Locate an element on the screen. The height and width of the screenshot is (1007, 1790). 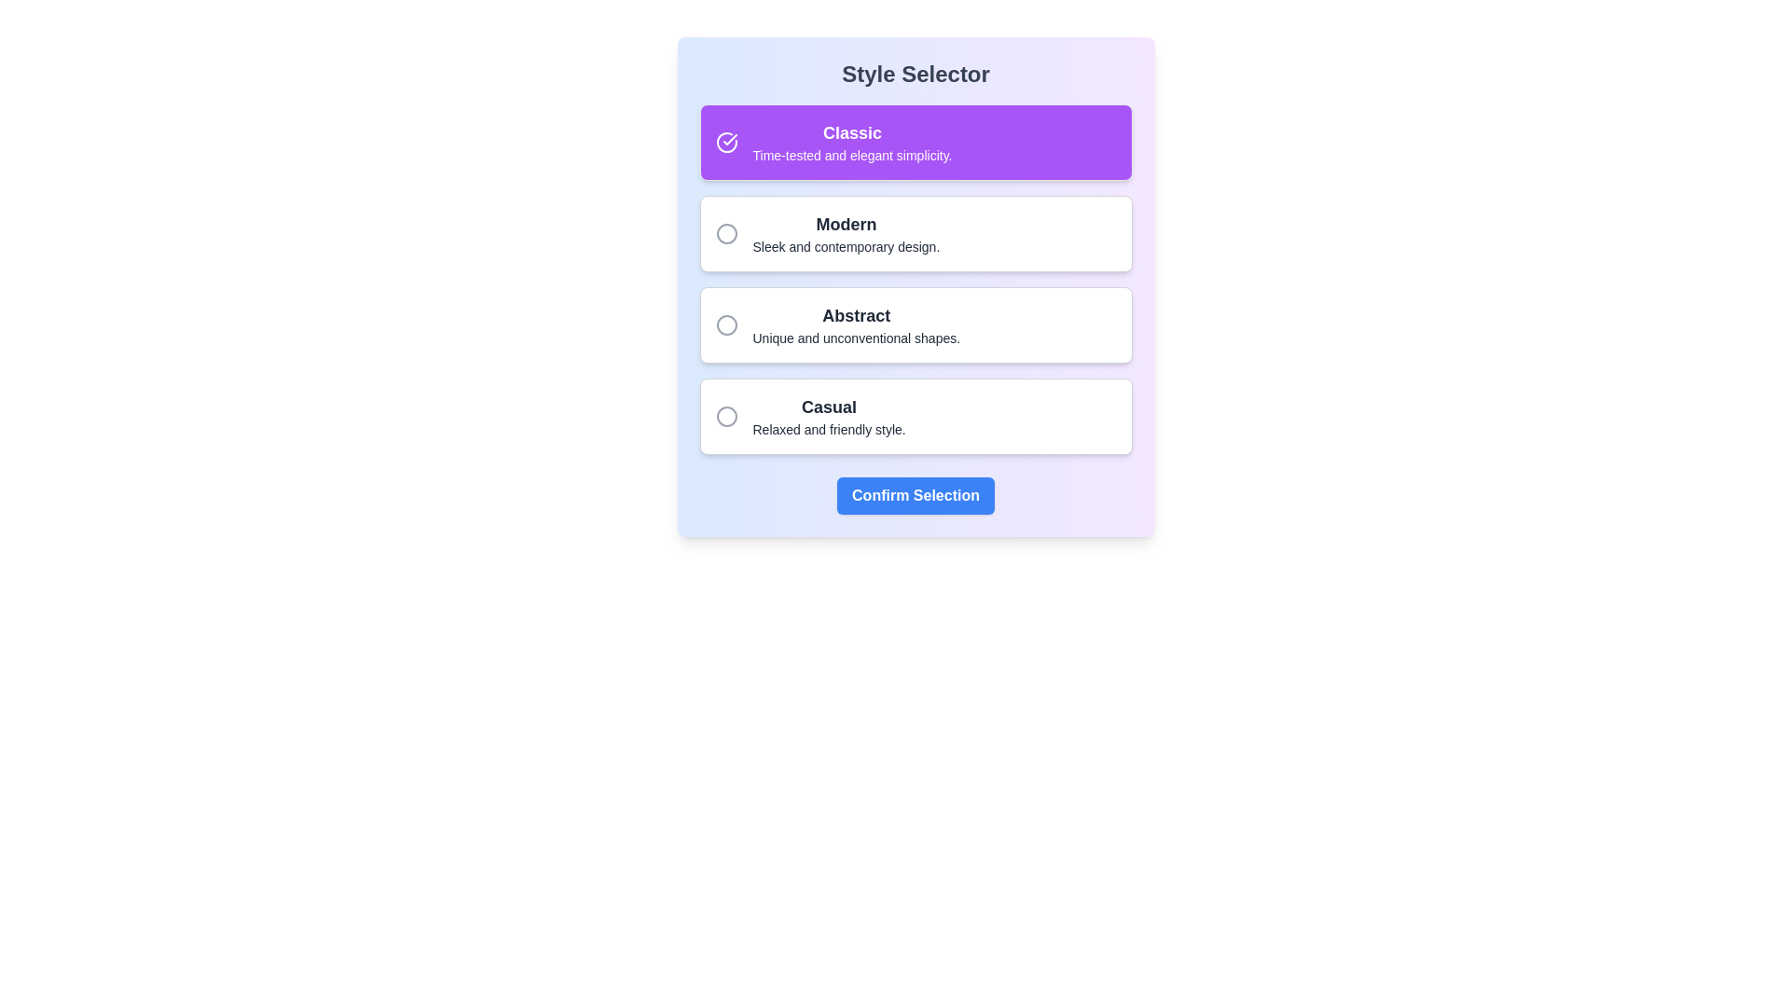
the Radio Button Icon for the 'Modern' style option is located at coordinates (725, 232).